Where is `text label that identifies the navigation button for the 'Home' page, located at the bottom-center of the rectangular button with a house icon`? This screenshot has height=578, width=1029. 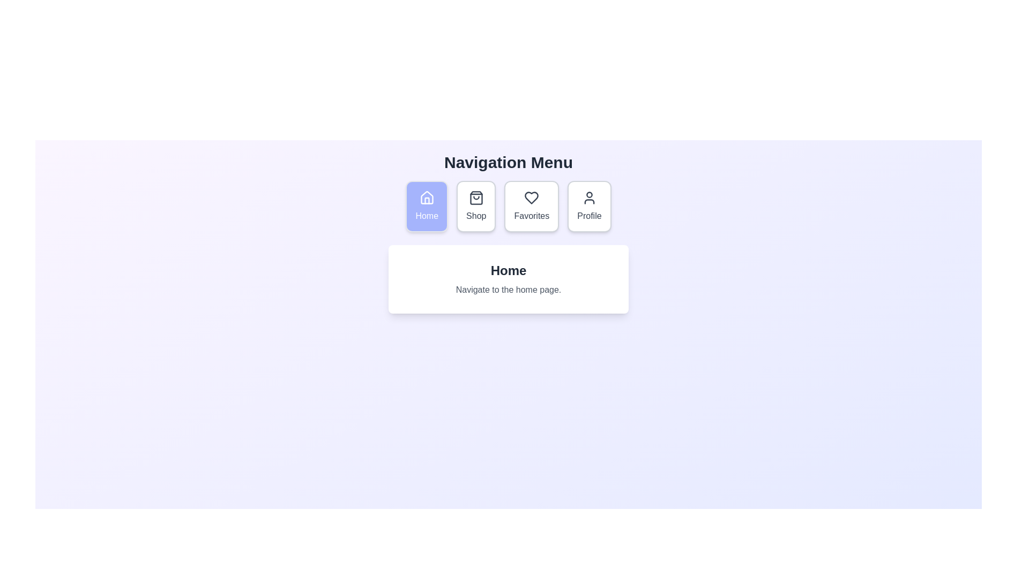 text label that identifies the navigation button for the 'Home' page, located at the bottom-center of the rectangular button with a house icon is located at coordinates (426, 216).